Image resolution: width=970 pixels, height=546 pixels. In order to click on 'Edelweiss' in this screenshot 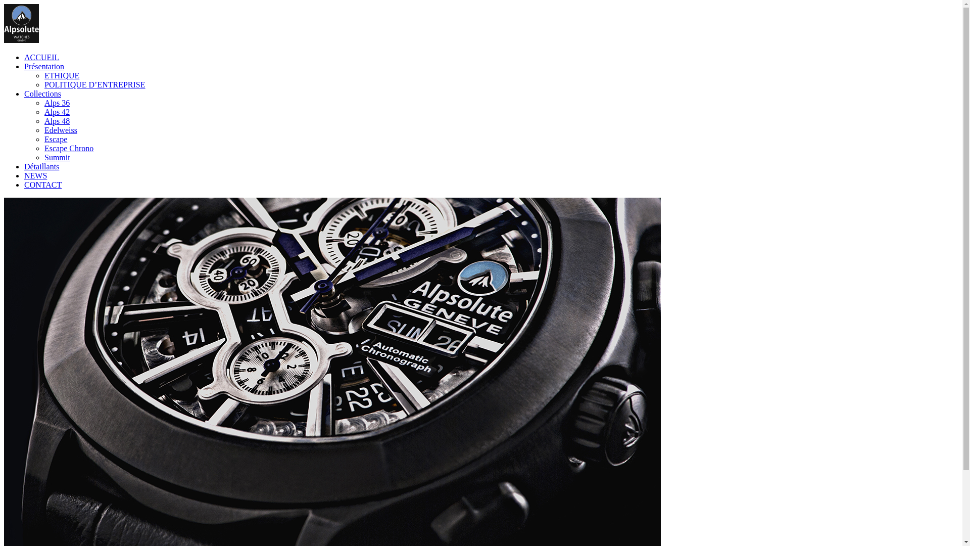, I will do `click(60, 129)`.